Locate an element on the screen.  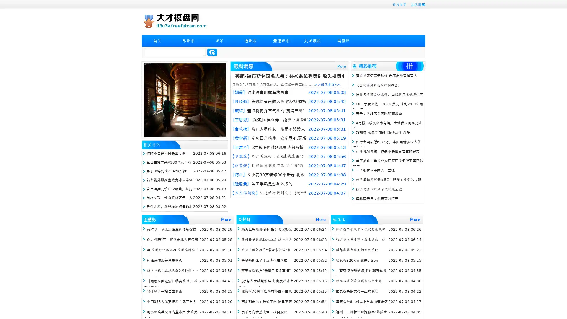
Search is located at coordinates (212, 52).